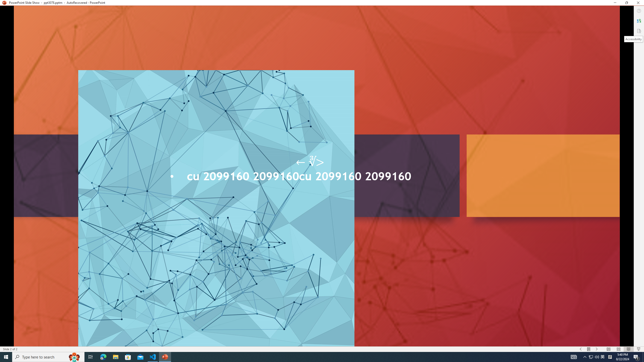  I want to click on 'Slide Show Previous On', so click(581, 349).